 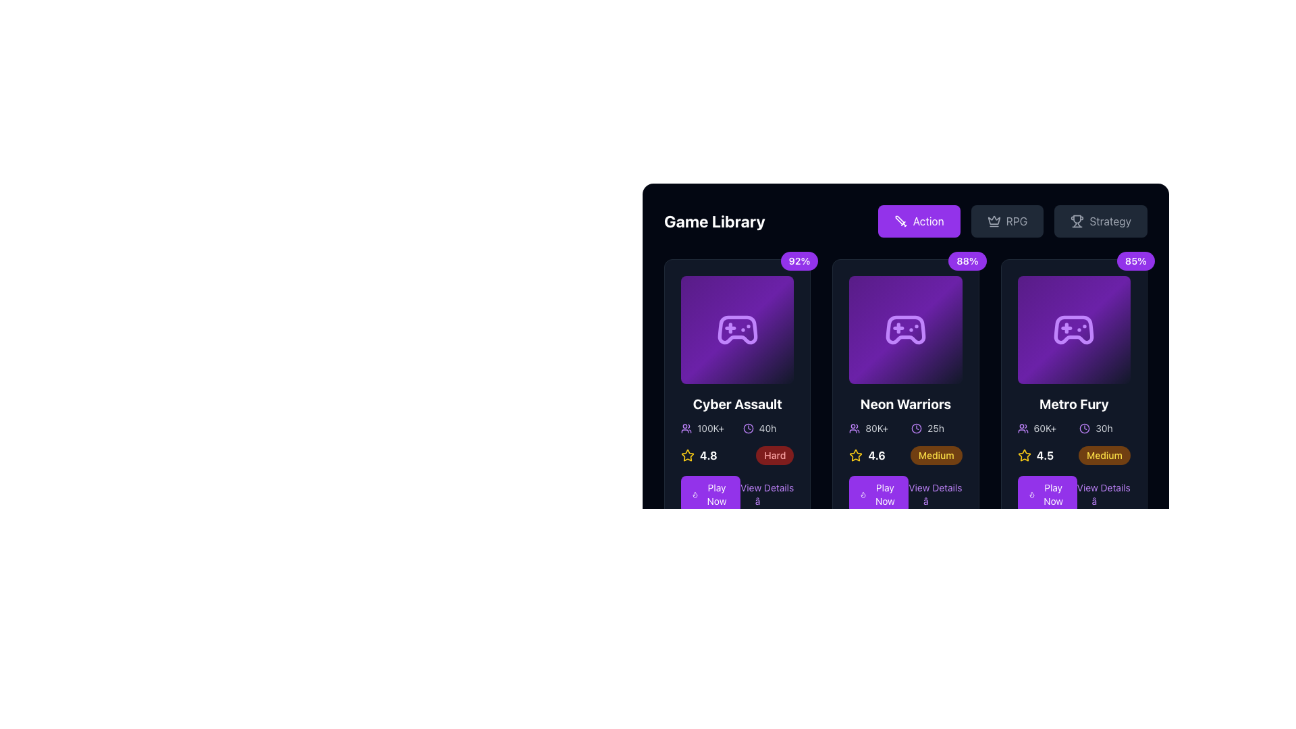 I want to click on the user count displayed as '60K+' next to the small purple icon of multiple users in the 'Metro Fury' section of the third game card, so click(x=1042, y=429).